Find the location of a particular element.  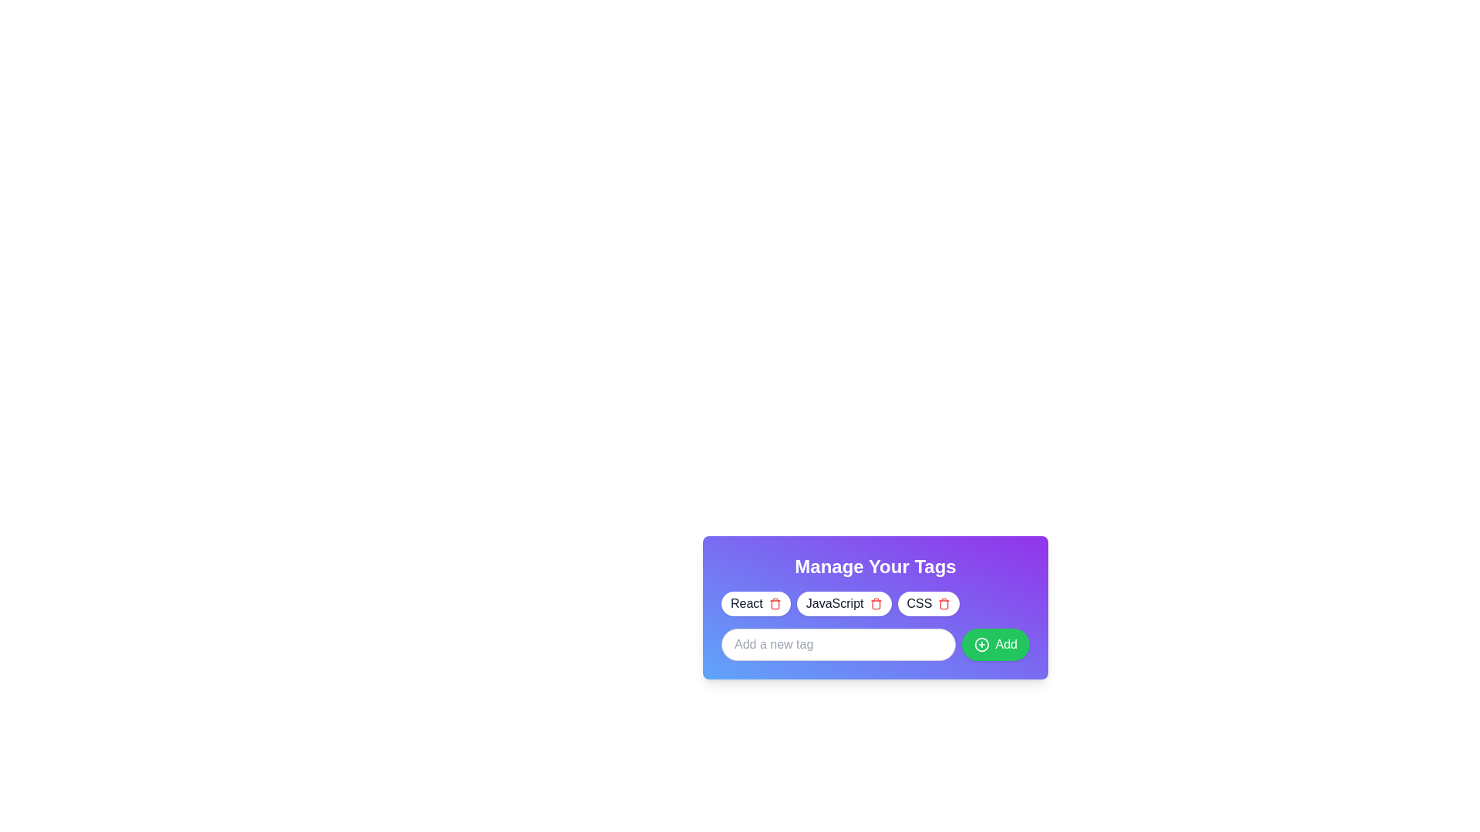

text label displaying 'JavaScript' that is centrally located within a rounded button in the 'Manage Your Tags' panel is located at coordinates (834, 602).